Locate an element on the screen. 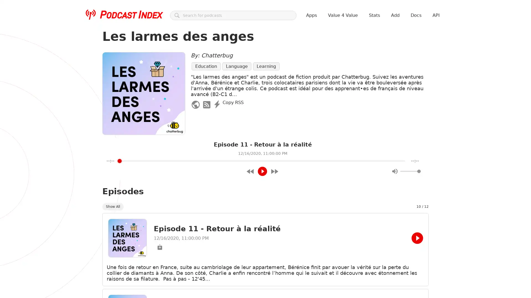 The image size is (531, 298). Mute is located at coordinates (394, 171).